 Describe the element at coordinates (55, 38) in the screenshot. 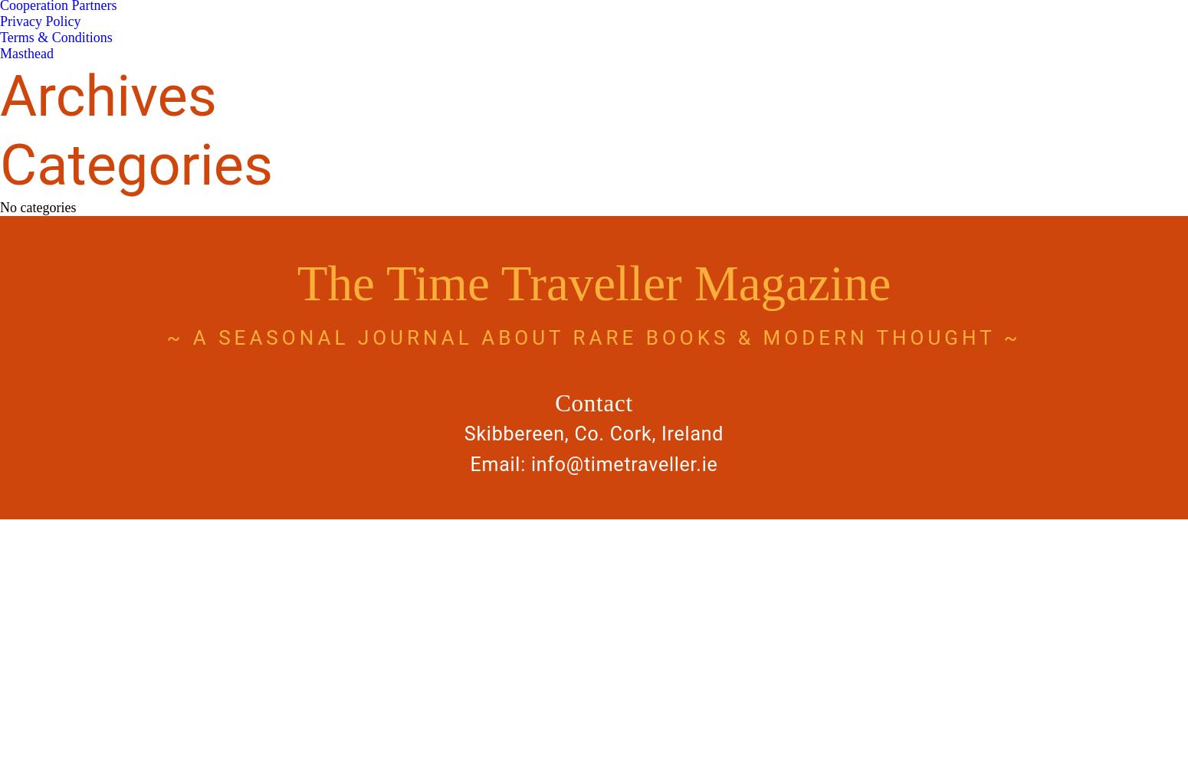

I see `'Terms & Conditions'` at that location.